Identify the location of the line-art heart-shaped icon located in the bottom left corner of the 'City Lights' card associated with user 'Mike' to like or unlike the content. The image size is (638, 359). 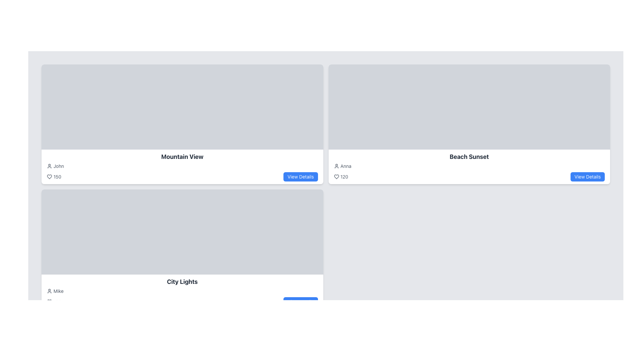
(49, 301).